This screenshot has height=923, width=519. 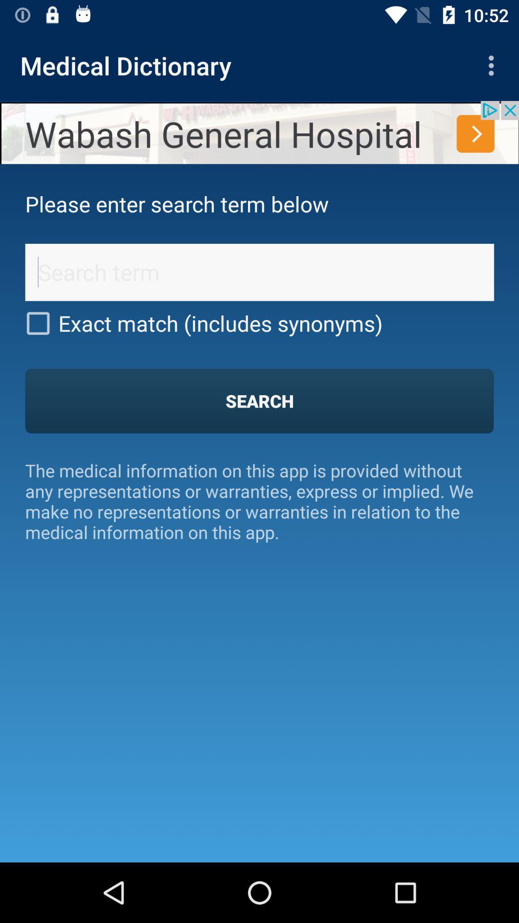 What do you see at coordinates (259, 272) in the screenshot?
I see `for search` at bounding box center [259, 272].